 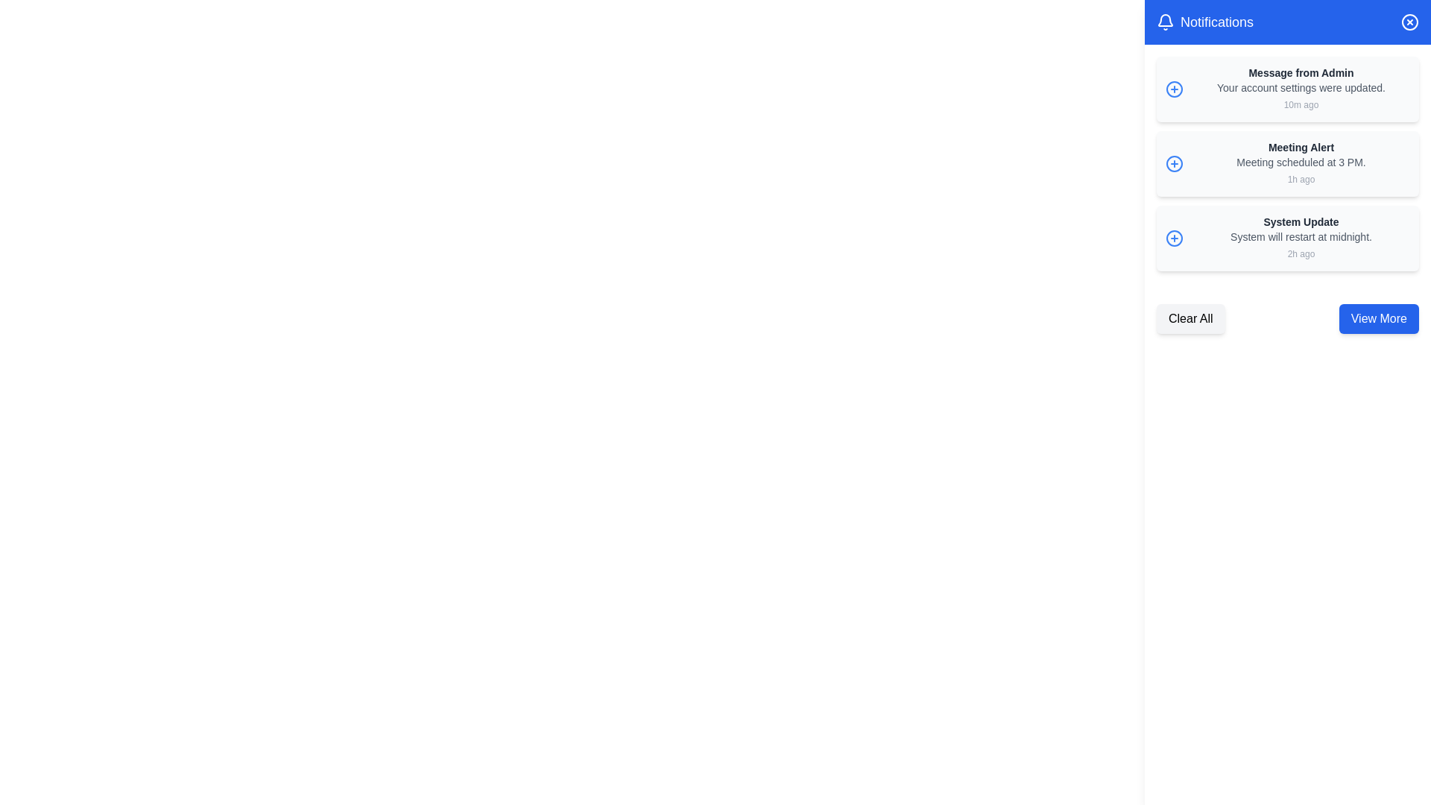 What do you see at coordinates (1301, 104) in the screenshot?
I see `the timestamp text label indicating when the associated notification was received, located at the bottom-right corner of the first notification item` at bounding box center [1301, 104].